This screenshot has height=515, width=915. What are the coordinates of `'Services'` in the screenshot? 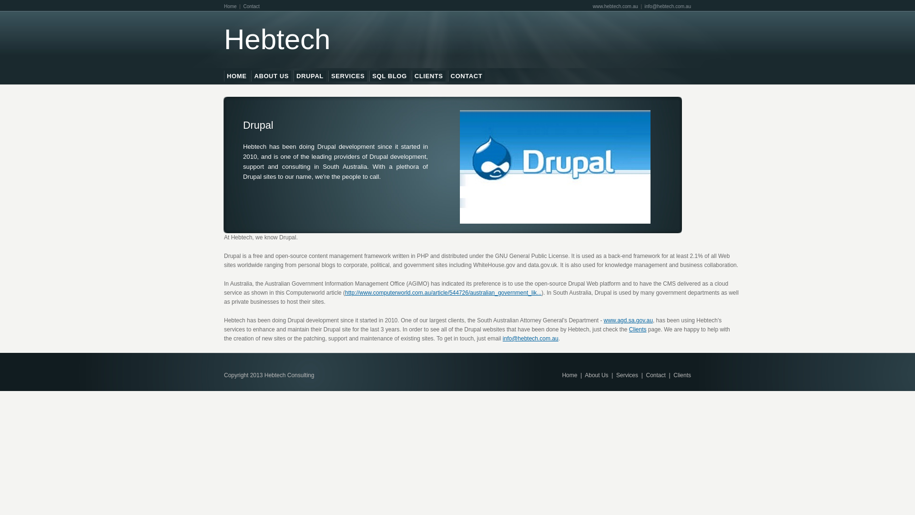 It's located at (627, 374).